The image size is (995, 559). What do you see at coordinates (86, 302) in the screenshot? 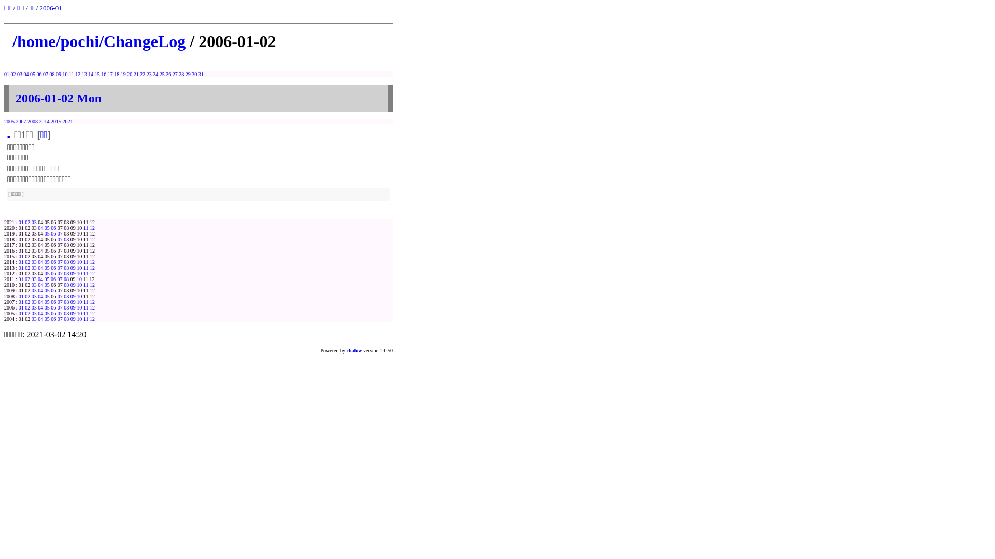
I see `'11'` at bounding box center [86, 302].